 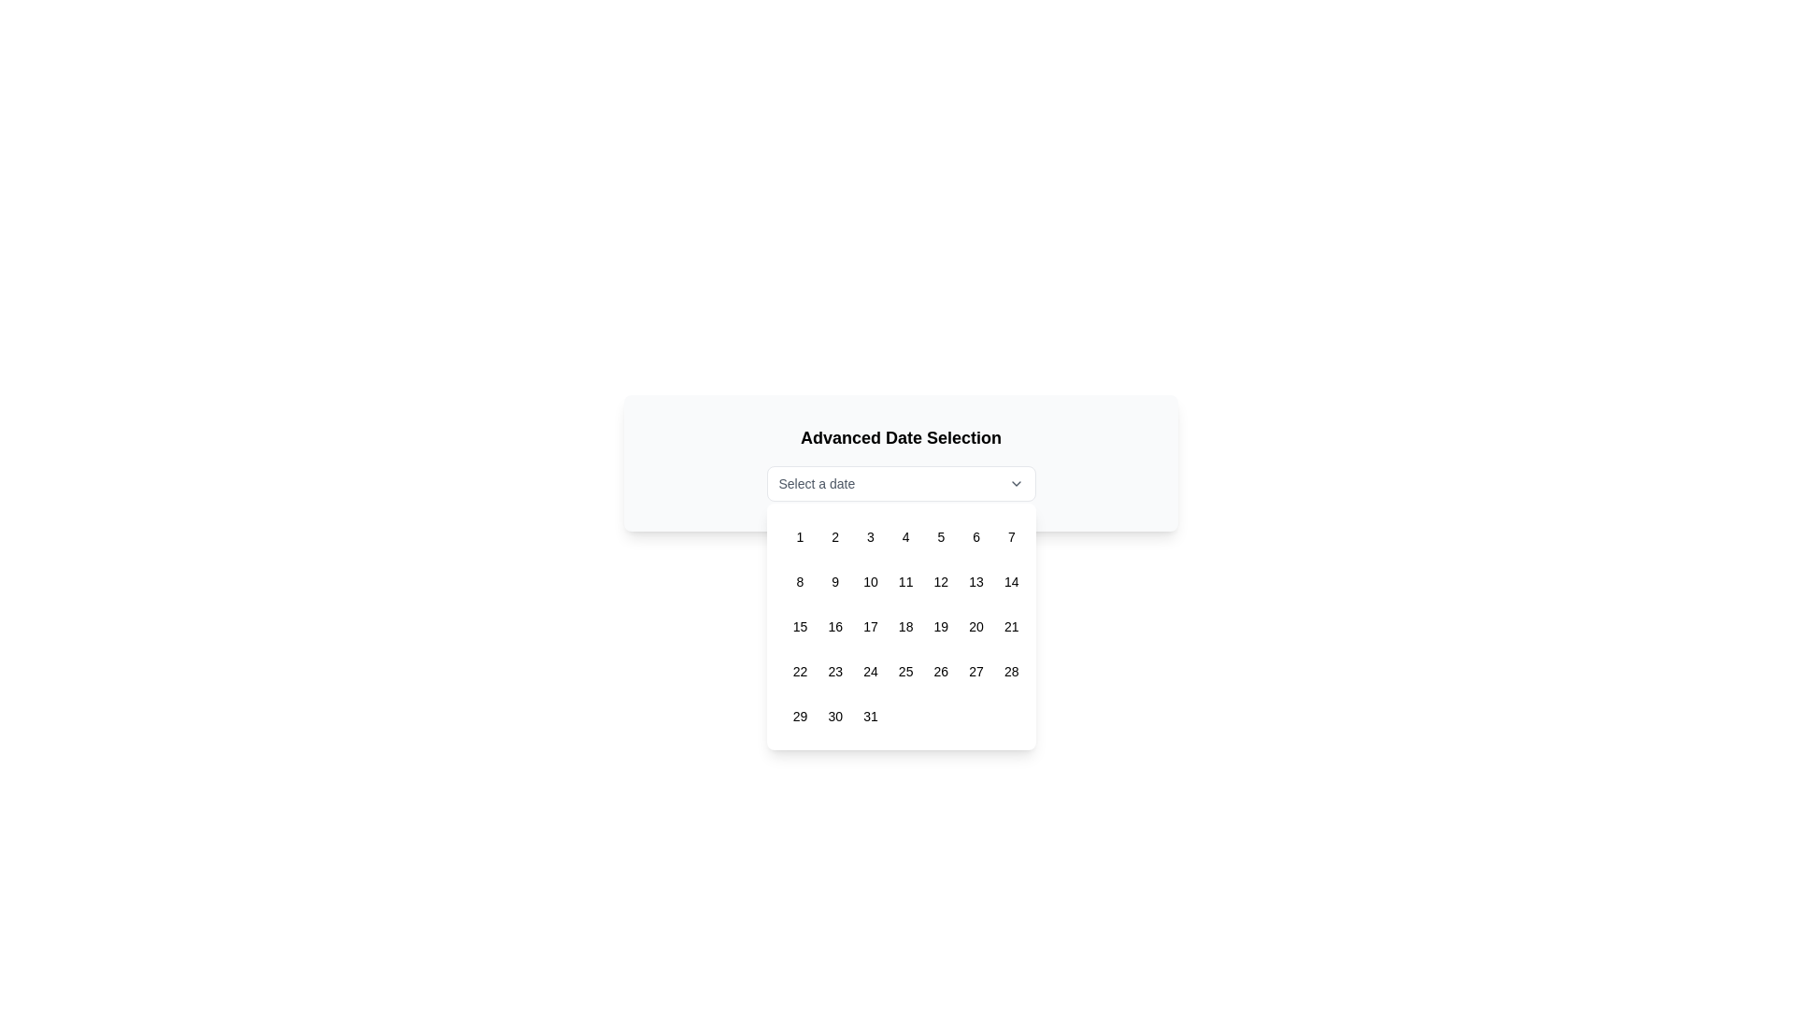 What do you see at coordinates (800, 716) in the screenshot?
I see `the interactive calendar day button for the 29th day of the month` at bounding box center [800, 716].